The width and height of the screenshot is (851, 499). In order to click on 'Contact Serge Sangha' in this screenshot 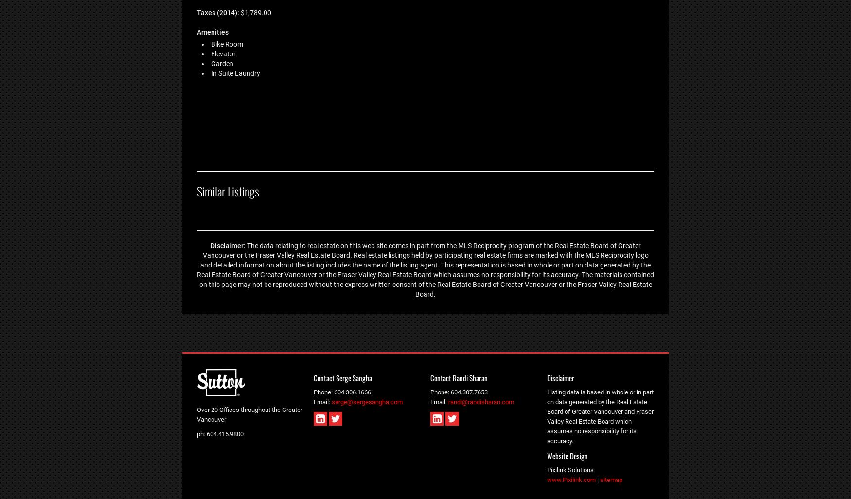, I will do `click(343, 377)`.